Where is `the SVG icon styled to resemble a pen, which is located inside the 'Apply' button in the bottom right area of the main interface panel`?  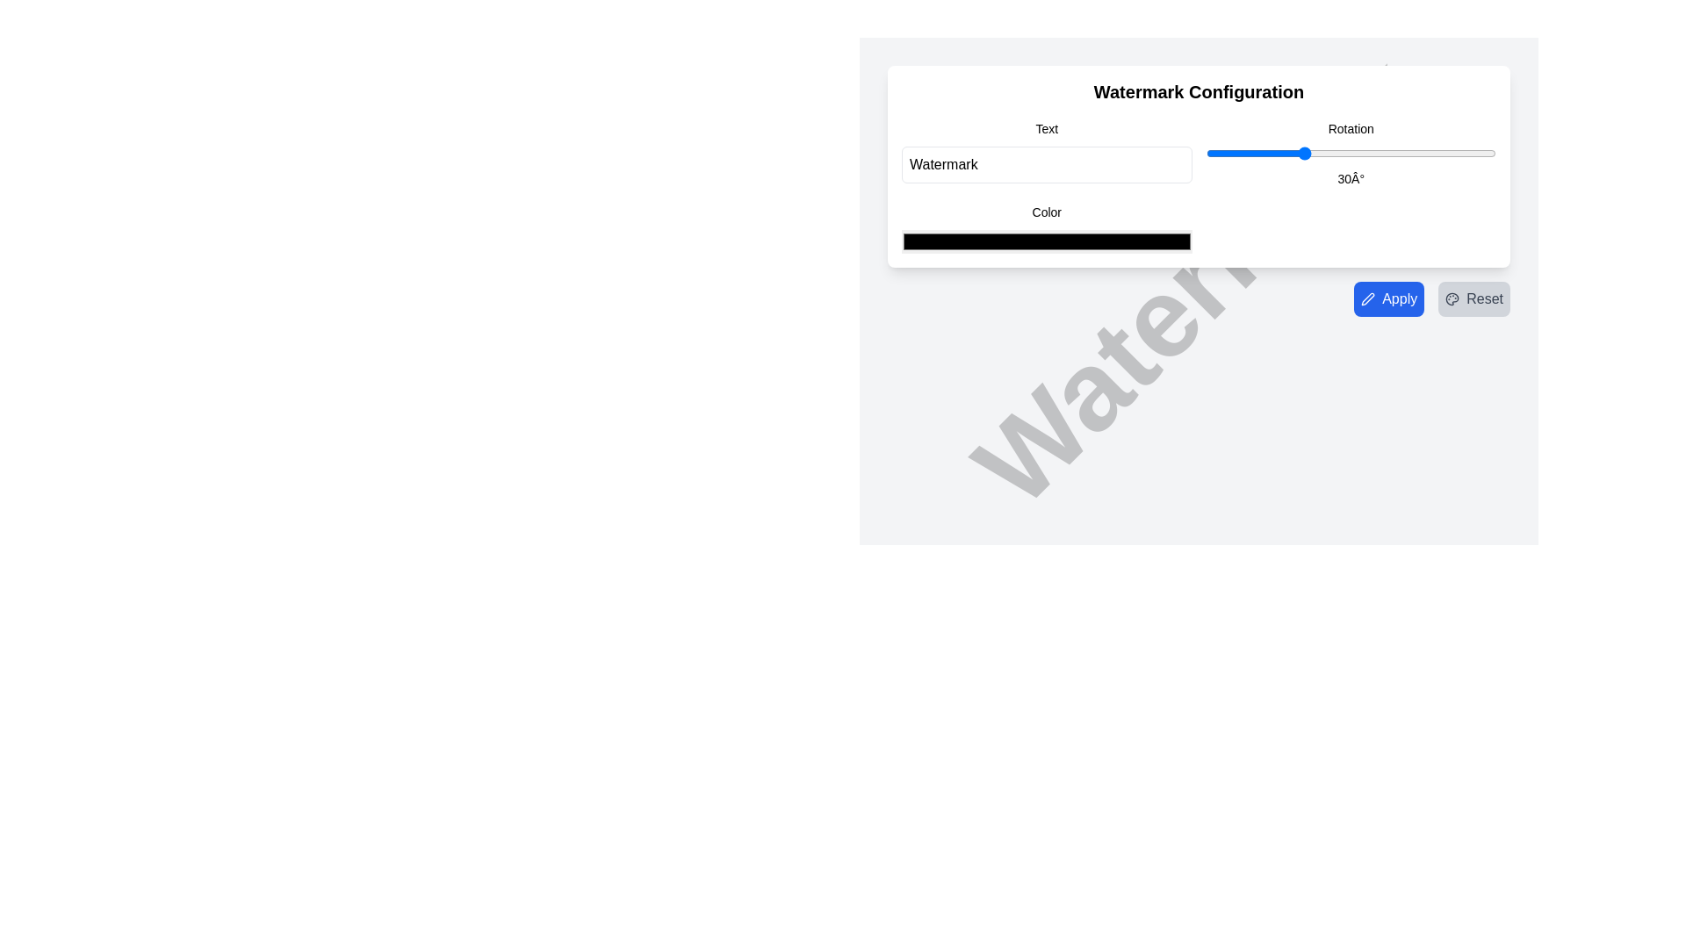 the SVG icon styled to resemble a pen, which is located inside the 'Apply' button in the bottom right area of the main interface panel is located at coordinates (1367, 298).